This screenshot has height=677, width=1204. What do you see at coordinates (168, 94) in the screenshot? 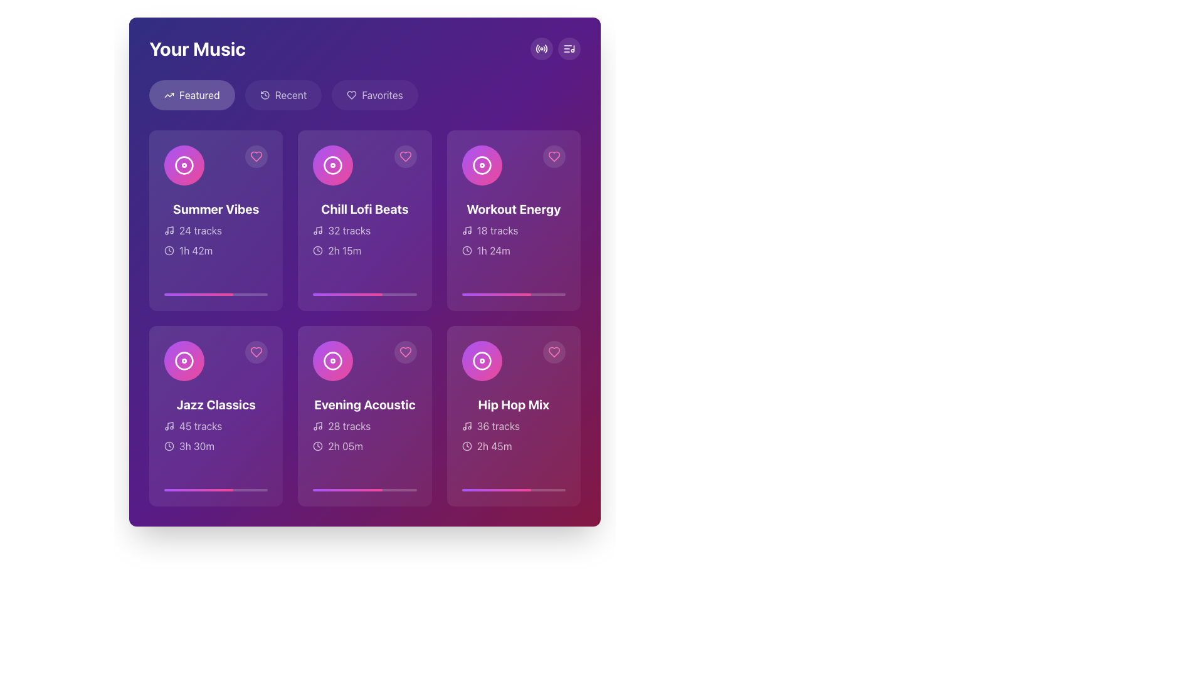
I see `the upward-trending line graph icon located to the left of the 'Featured' text within the button group at the top-left of the interface` at bounding box center [168, 94].